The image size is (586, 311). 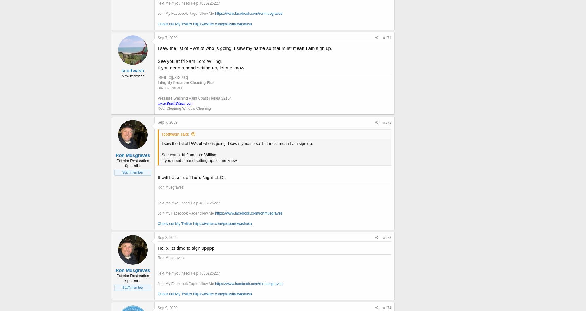 What do you see at coordinates (121, 76) in the screenshot?
I see `'New member'` at bounding box center [121, 76].